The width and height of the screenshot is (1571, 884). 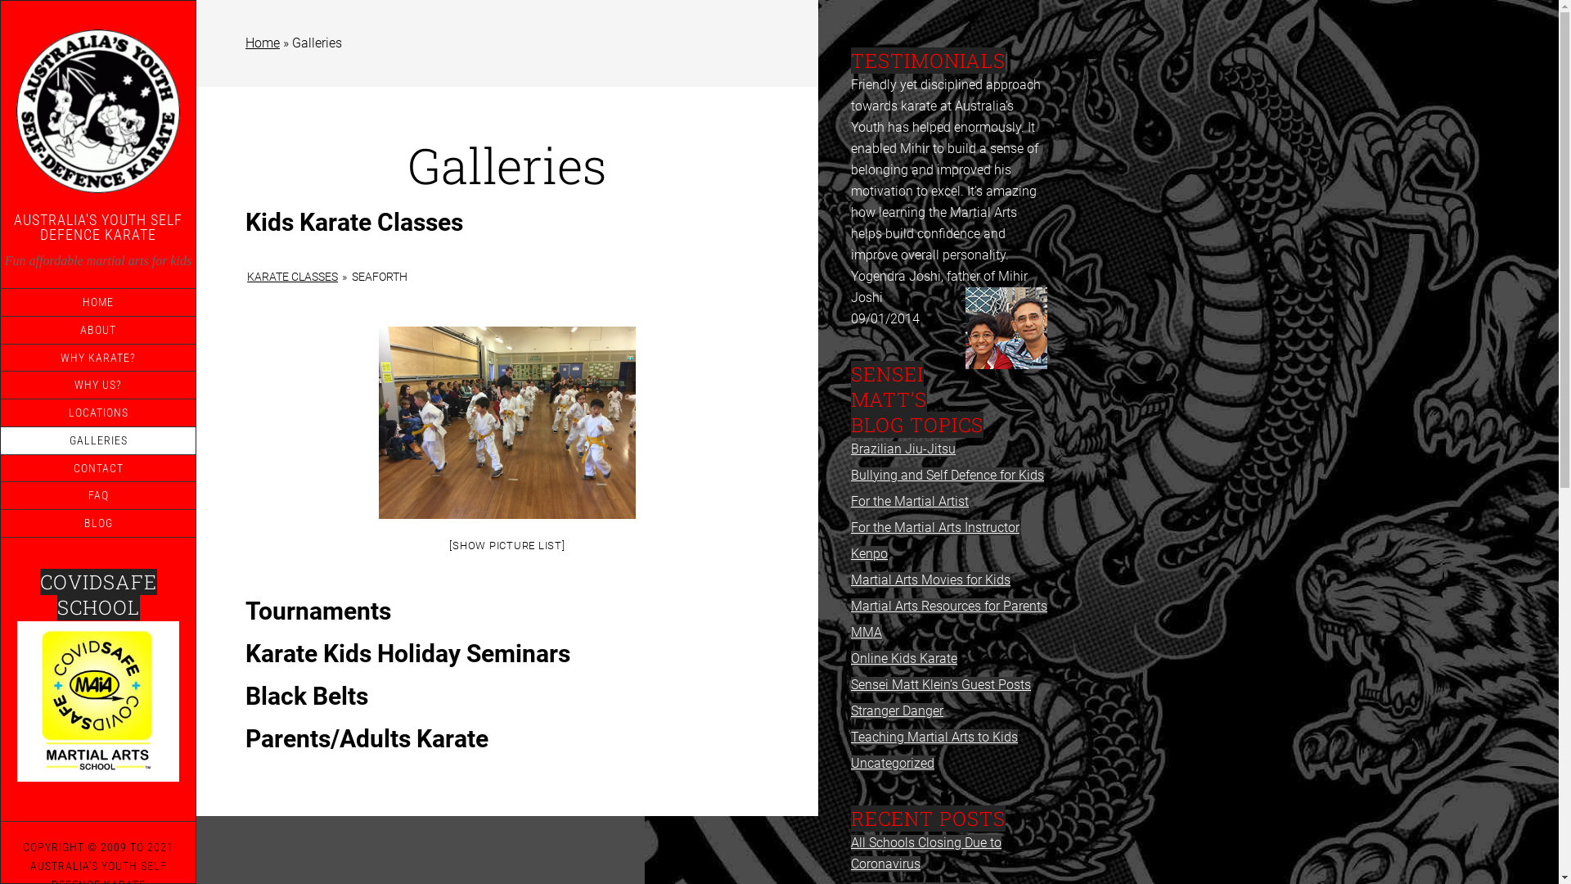 What do you see at coordinates (506, 545) in the screenshot?
I see `'[SHOW PICTURE LIST]'` at bounding box center [506, 545].